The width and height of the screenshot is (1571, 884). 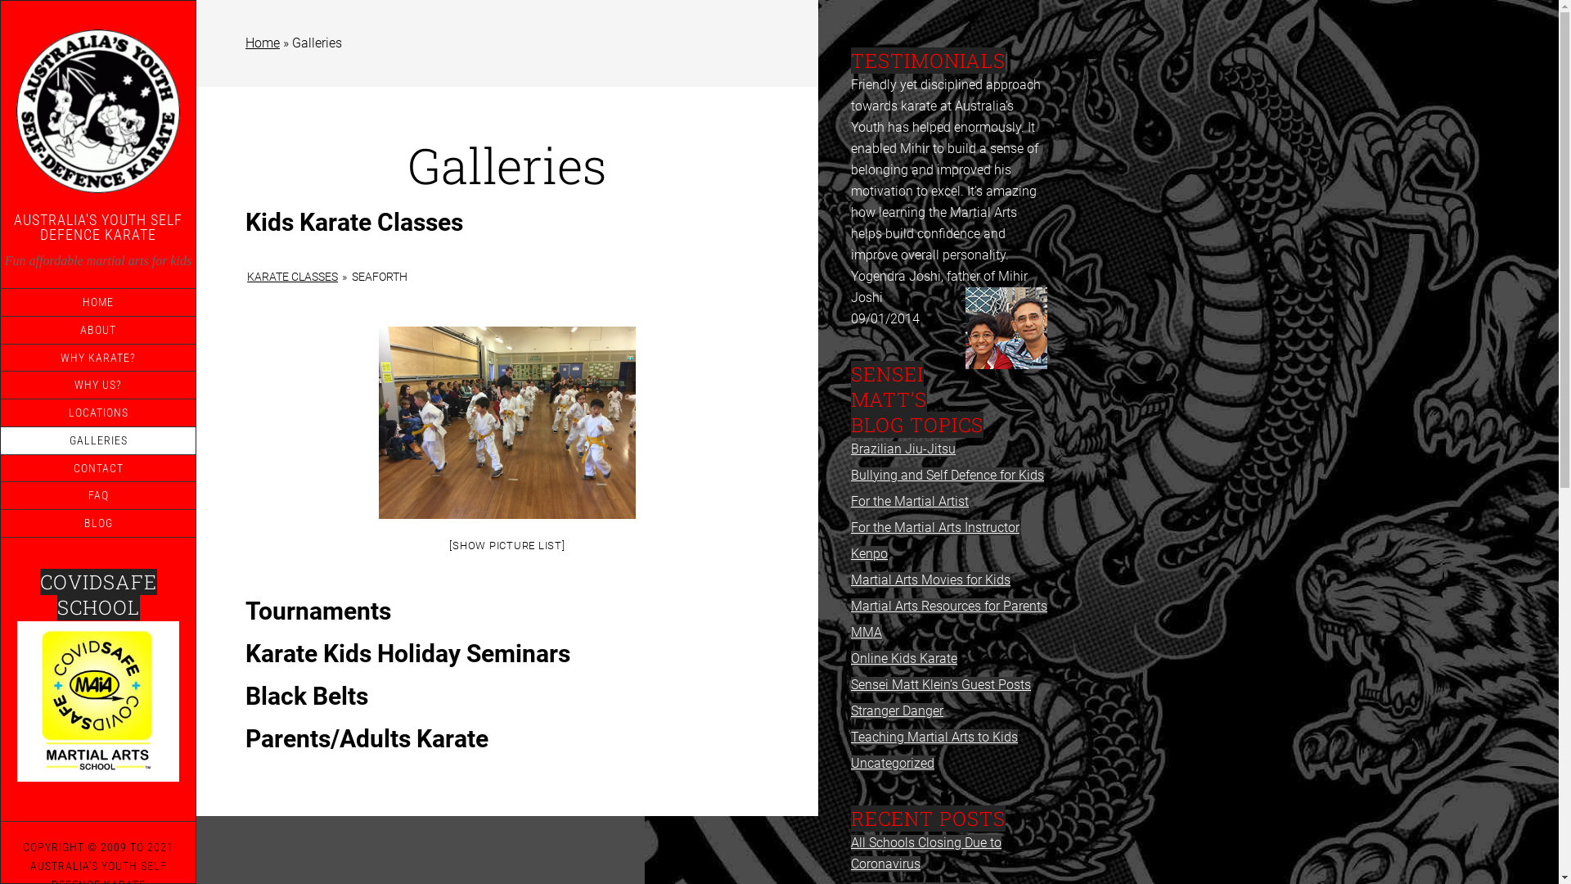 What do you see at coordinates (506, 545) in the screenshot?
I see `'[SHOW PICTURE LIST]'` at bounding box center [506, 545].